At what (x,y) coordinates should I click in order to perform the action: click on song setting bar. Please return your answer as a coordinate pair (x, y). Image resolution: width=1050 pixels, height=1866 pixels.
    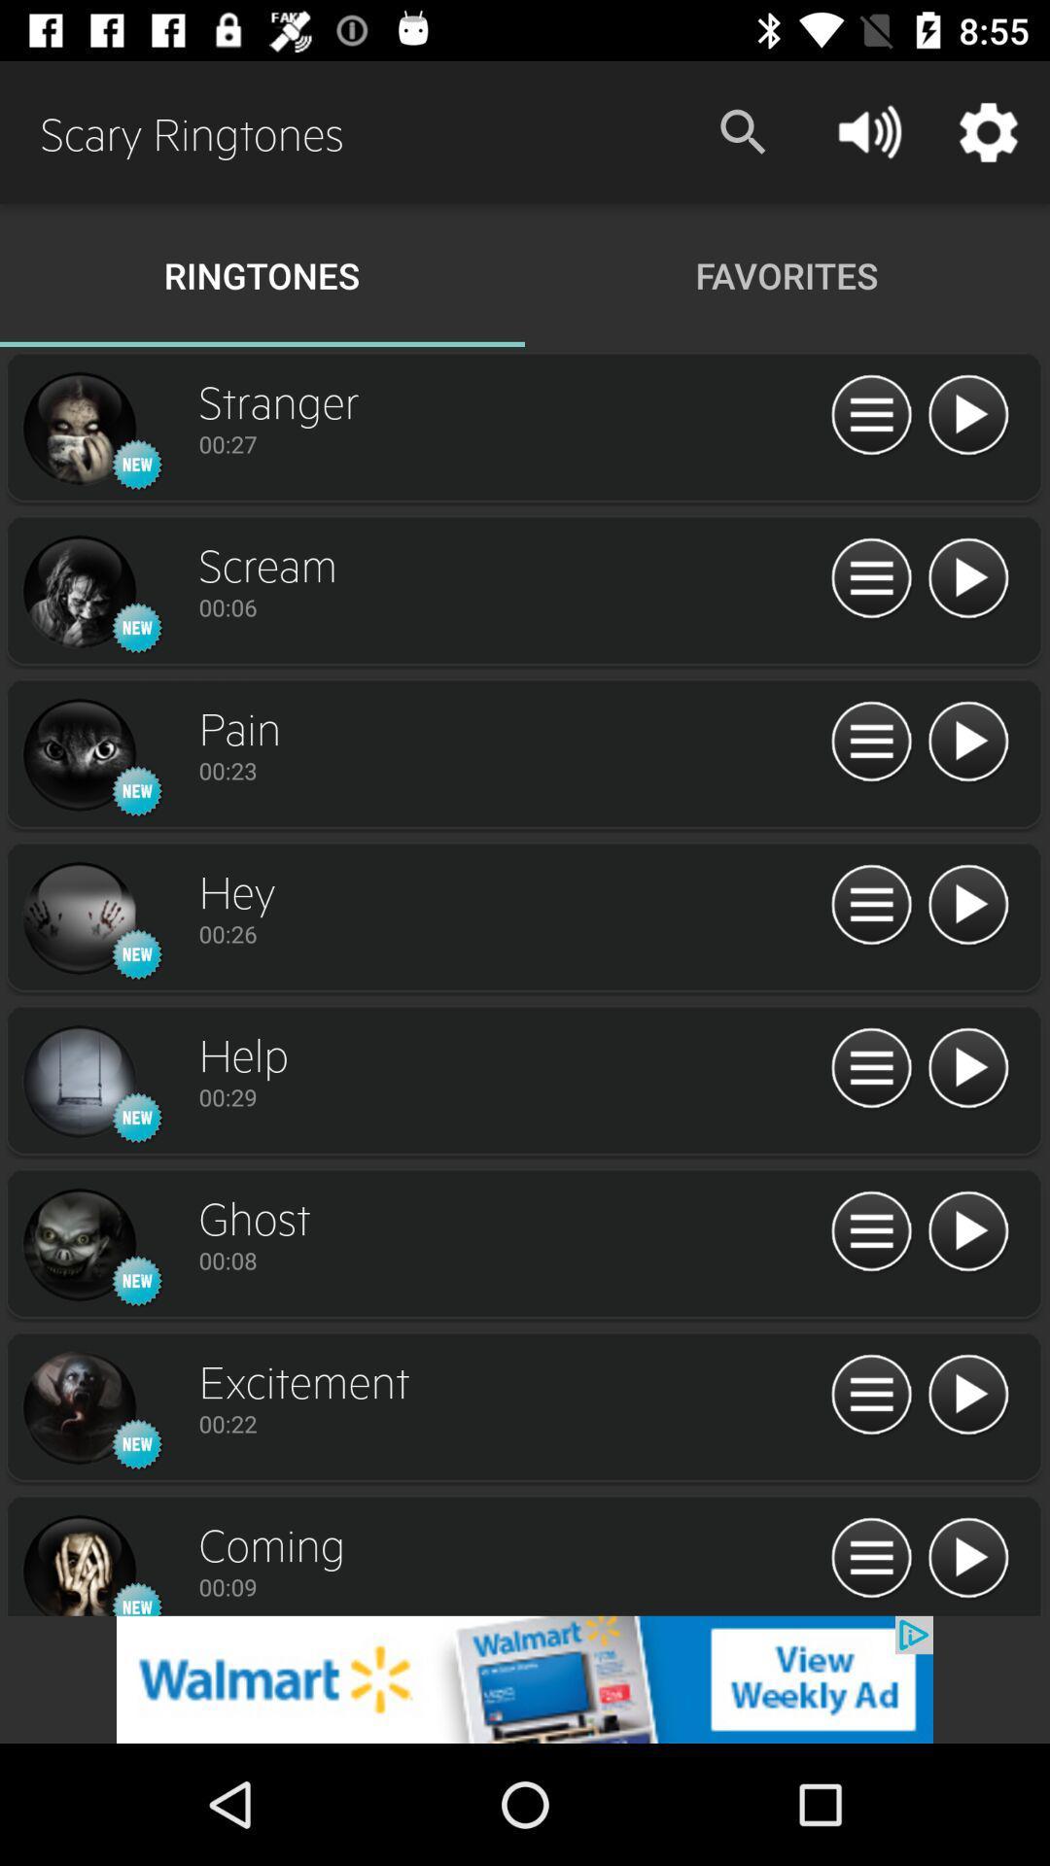
    Looking at the image, I should click on (870, 578).